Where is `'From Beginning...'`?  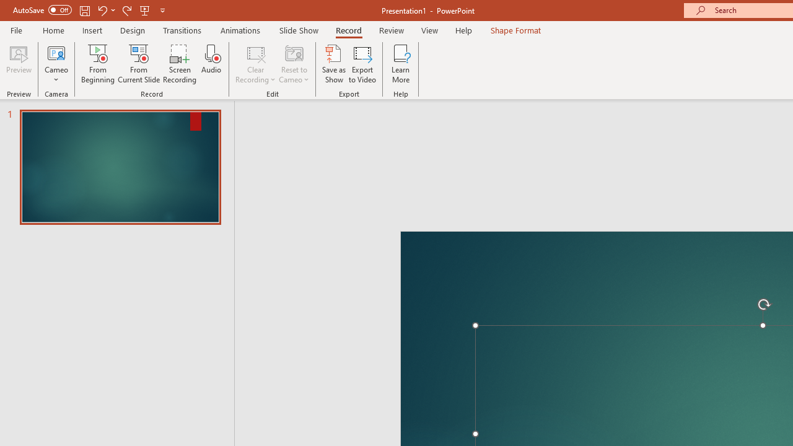
'From Beginning...' is located at coordinates (97, 64).